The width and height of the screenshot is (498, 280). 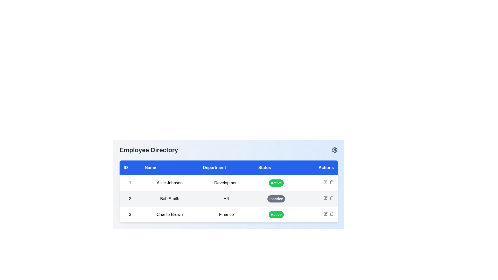 What do you see at coordinates (325, 214) in the screenshot?
I see `the edit icon button in the Actions column of the third row` at bounding box center [325, 214].